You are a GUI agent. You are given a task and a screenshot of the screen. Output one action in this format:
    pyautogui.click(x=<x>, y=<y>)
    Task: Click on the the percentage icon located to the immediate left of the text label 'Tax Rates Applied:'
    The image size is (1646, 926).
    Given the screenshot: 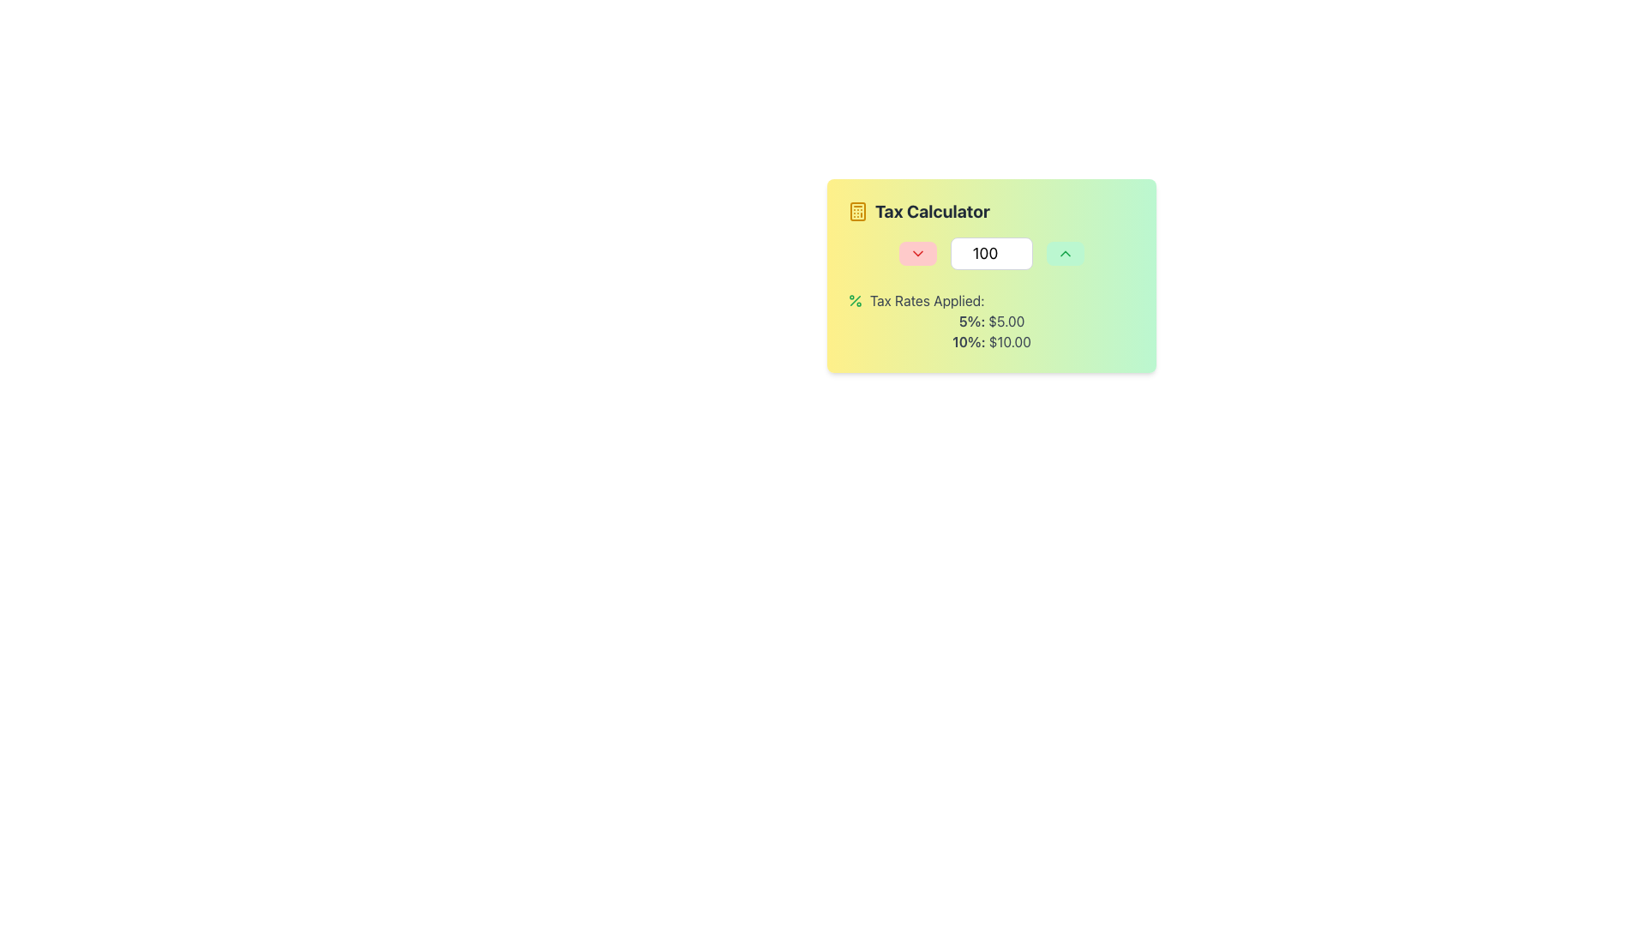 What is the action you would take?
    pyautogui.click(x=856, y=300)
    